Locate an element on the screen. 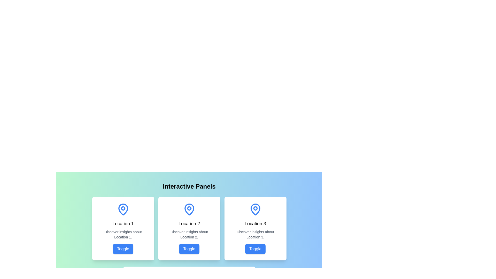 This screenshot has width=496, height=279. the location marker icon situated at the top-center of the card titled 'Location 1' is located at coordinates (123, 209).